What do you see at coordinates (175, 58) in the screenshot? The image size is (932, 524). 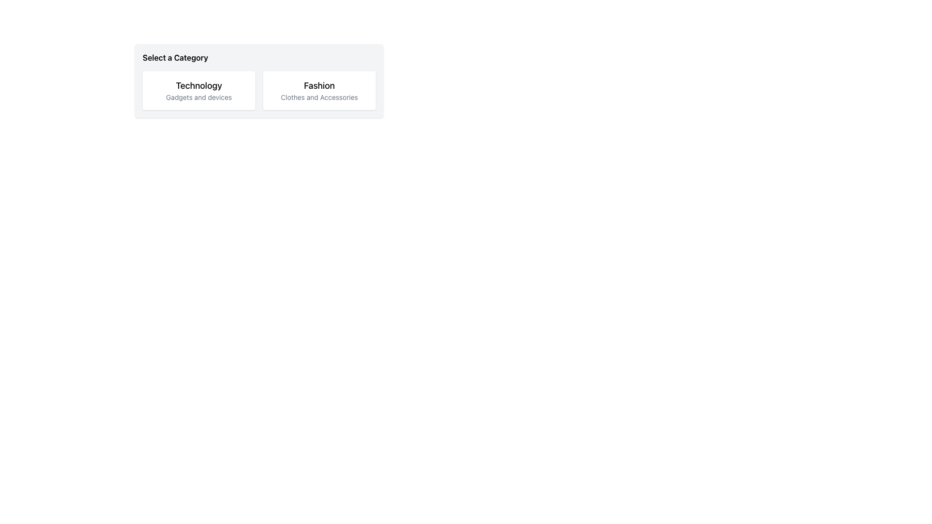 I see `the static header text label that instructs the user to choose a category, located above the category cards for 'Technology' and 'Fashion'` at bounding box center [175, 58].